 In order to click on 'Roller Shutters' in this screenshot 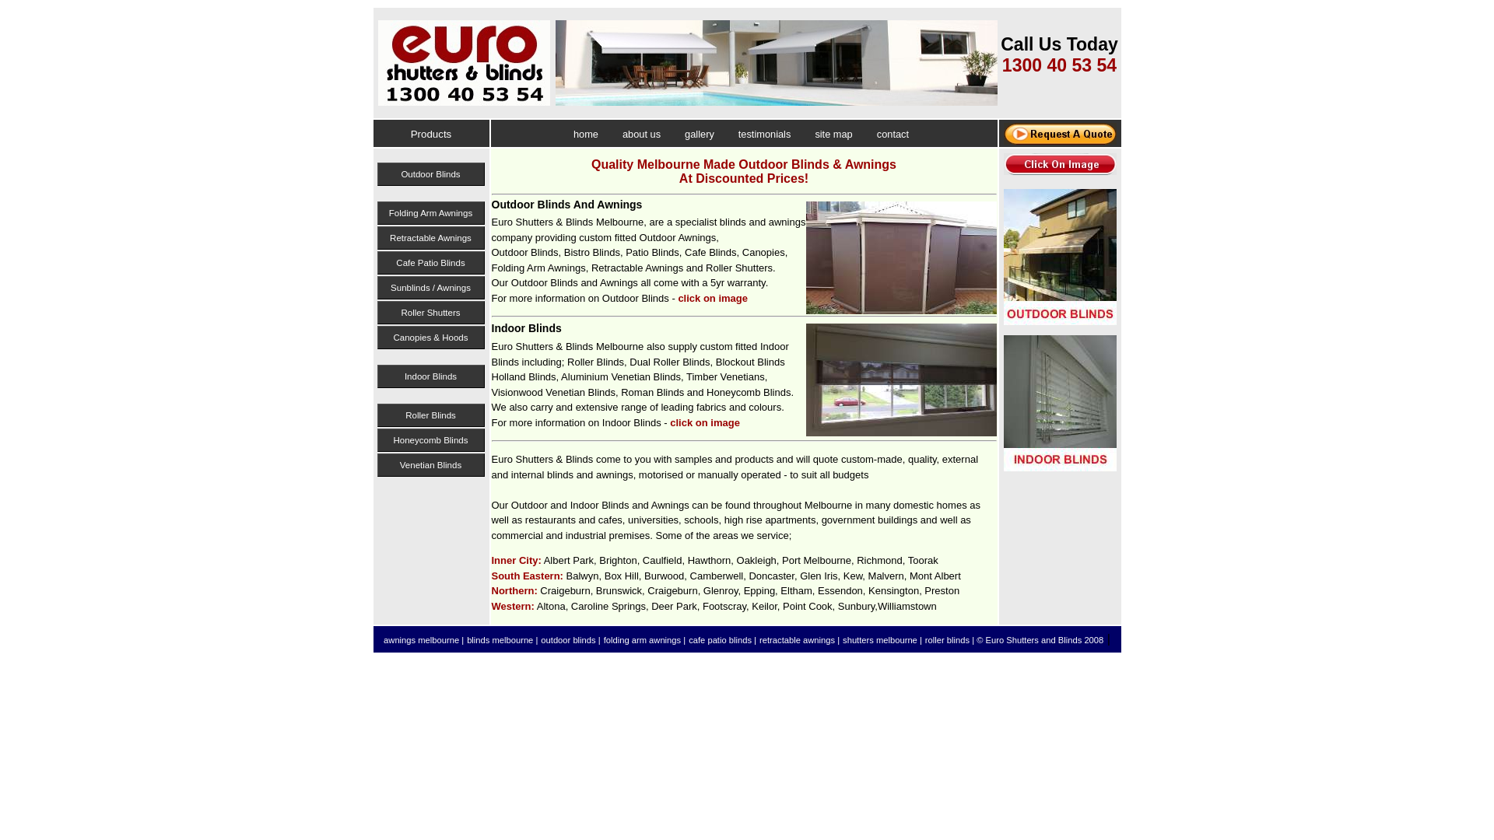, I will do `click(430, 312)`.